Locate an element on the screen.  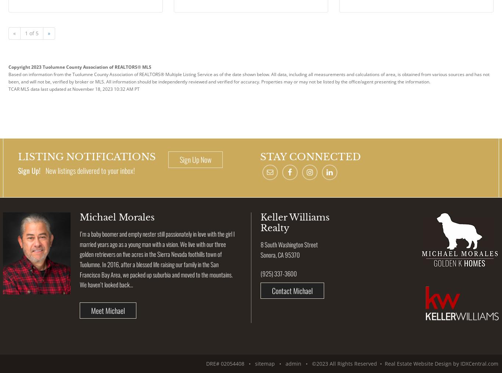
'DRE# 02054408   •' is located at coordinates (230, 363).